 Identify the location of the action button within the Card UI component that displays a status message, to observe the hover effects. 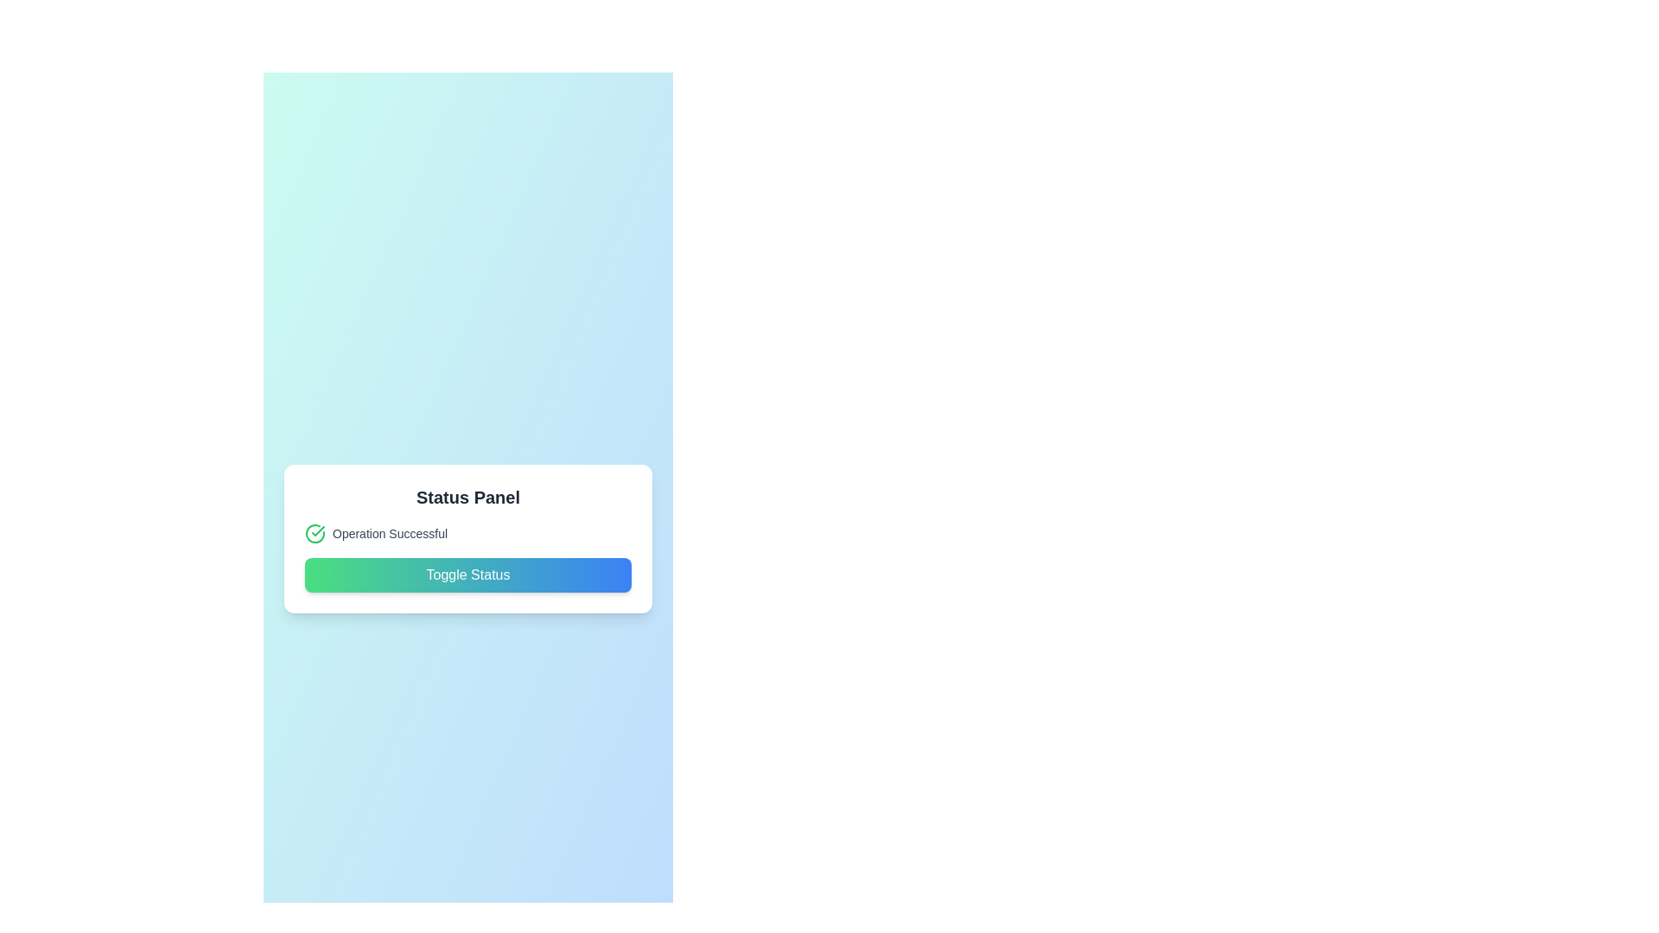
(468, 538).